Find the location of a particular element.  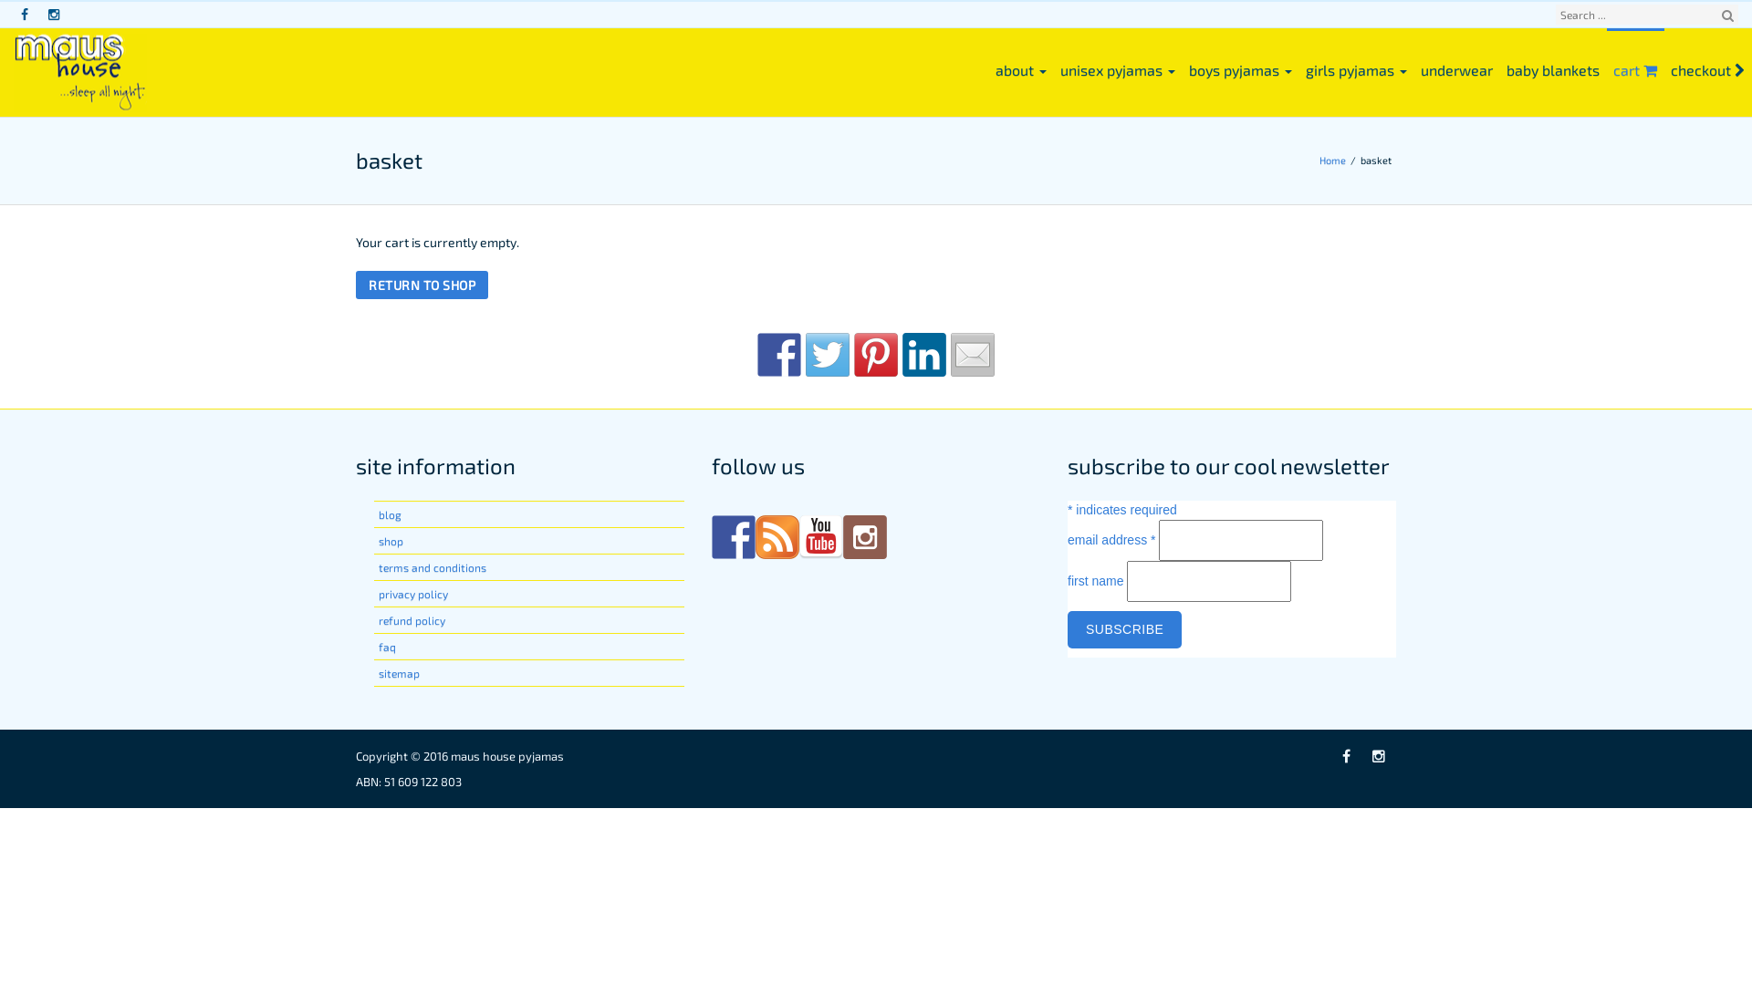

'Home' is located at coordinates (1335, 159).